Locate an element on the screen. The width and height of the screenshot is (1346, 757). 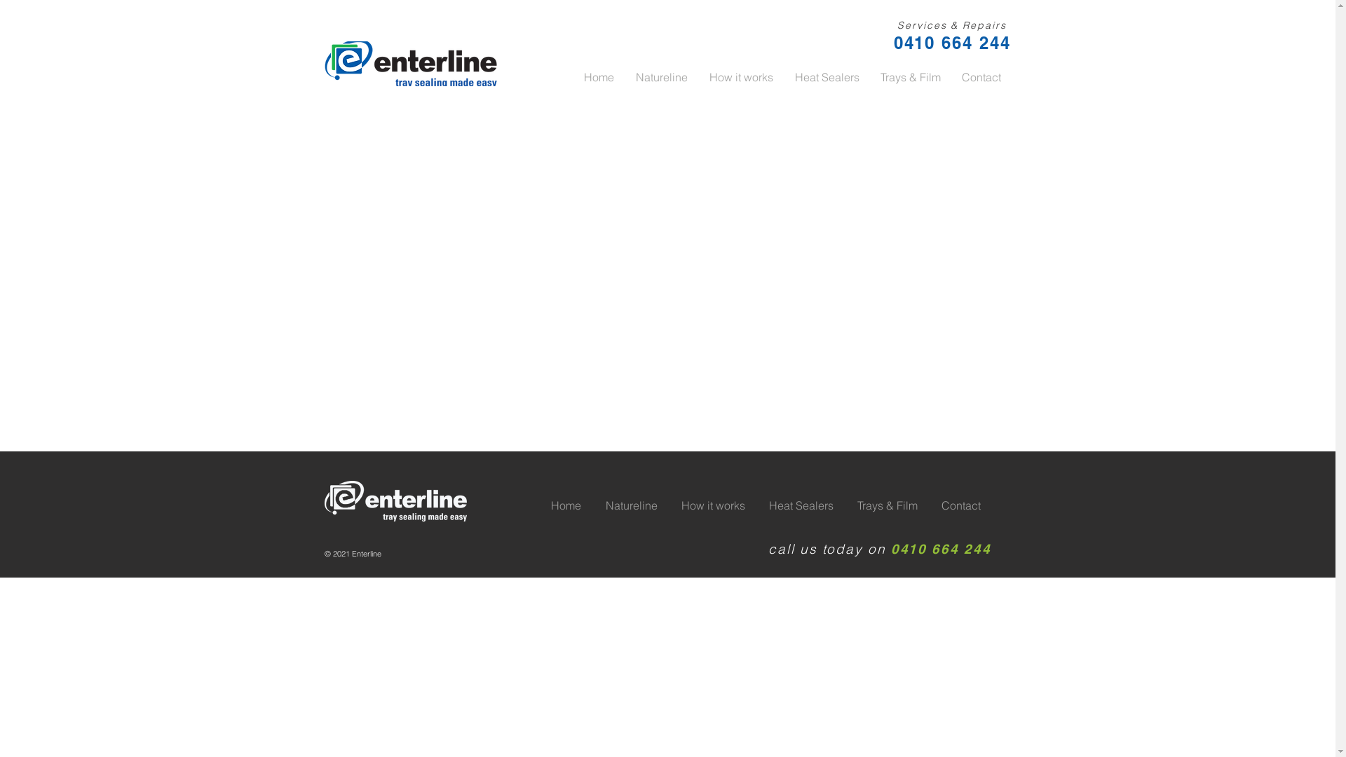
'Contact' is located at coordinates (979, 77).